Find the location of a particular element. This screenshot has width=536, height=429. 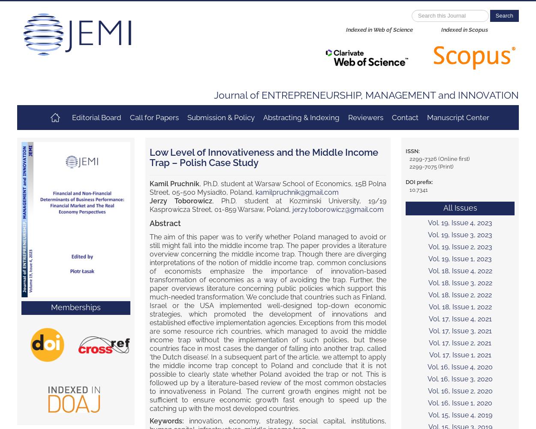

'Vol. 16, Issue 3, 2020' is located at coordinates (460, 379).